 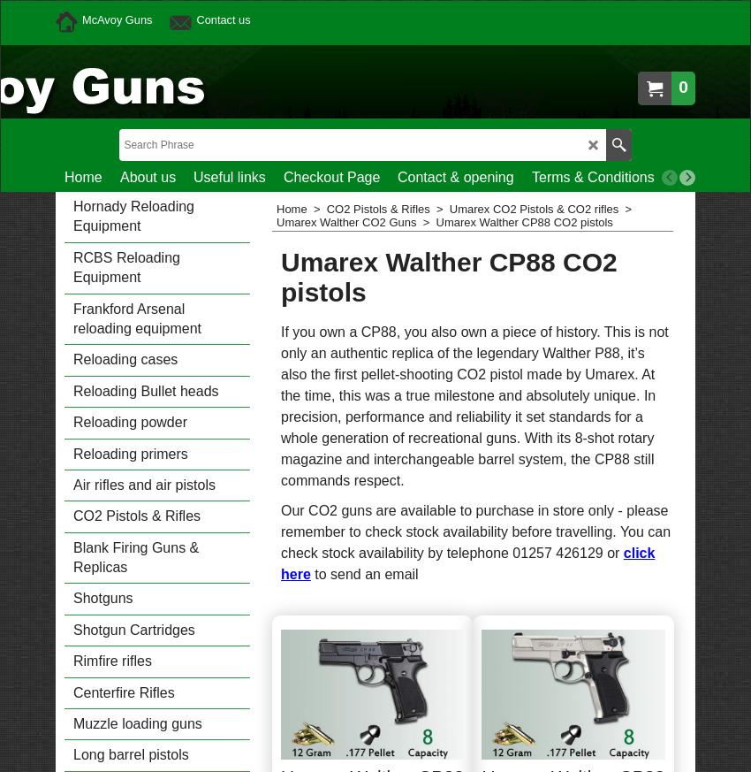 I want to click on 'Contact us', so click(x=223, y=19).